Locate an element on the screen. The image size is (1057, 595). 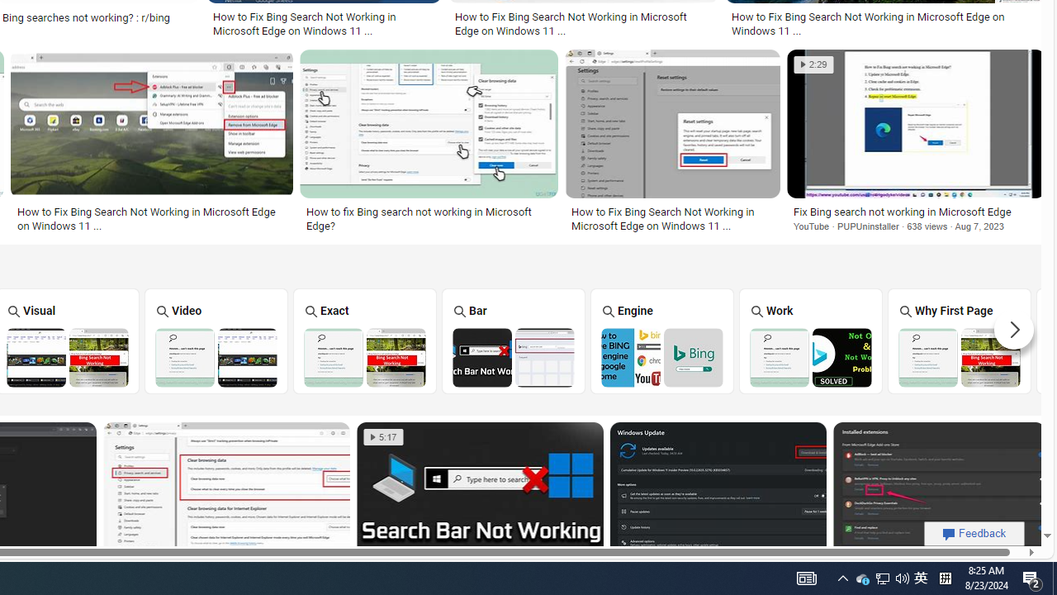
'Bing Video Search Not Working Video' is located at coordinates (216, 340).